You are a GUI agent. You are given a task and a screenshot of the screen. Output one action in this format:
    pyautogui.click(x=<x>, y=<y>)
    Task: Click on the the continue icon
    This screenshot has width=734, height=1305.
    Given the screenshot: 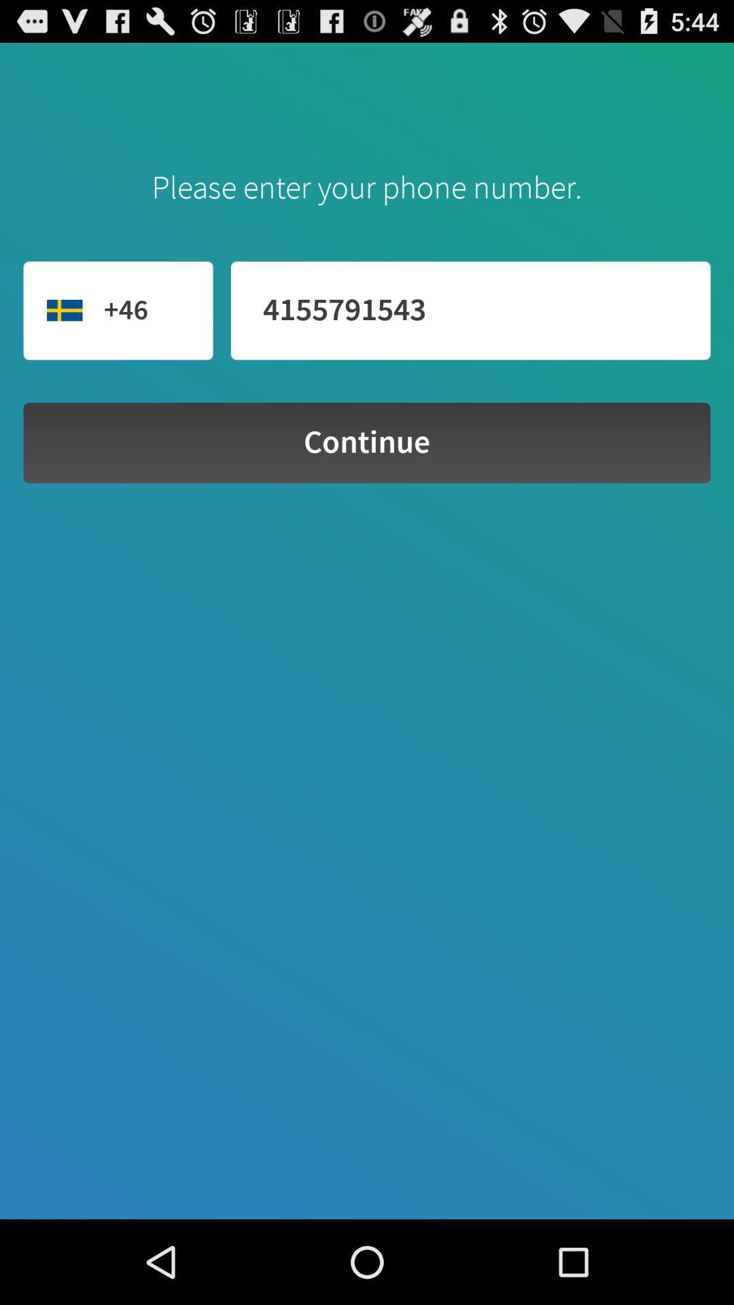 What is the action you would take?
    pyautogui.click(x=367, y=442)
    